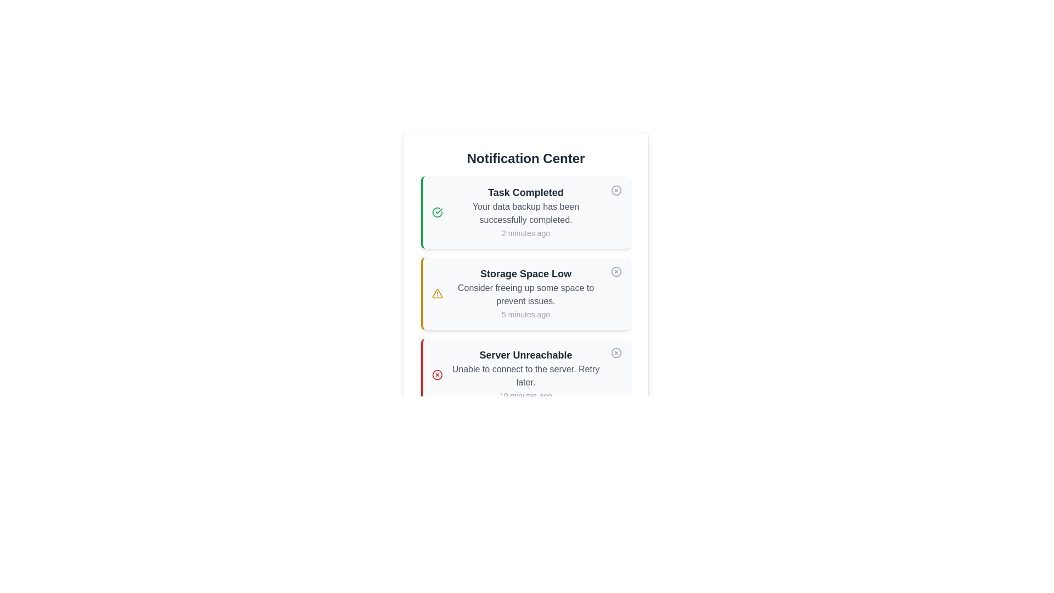  I want to click on detailed message of the third notification card in the Notification Center about a failed connection attempt to the server, so click(525, 374).